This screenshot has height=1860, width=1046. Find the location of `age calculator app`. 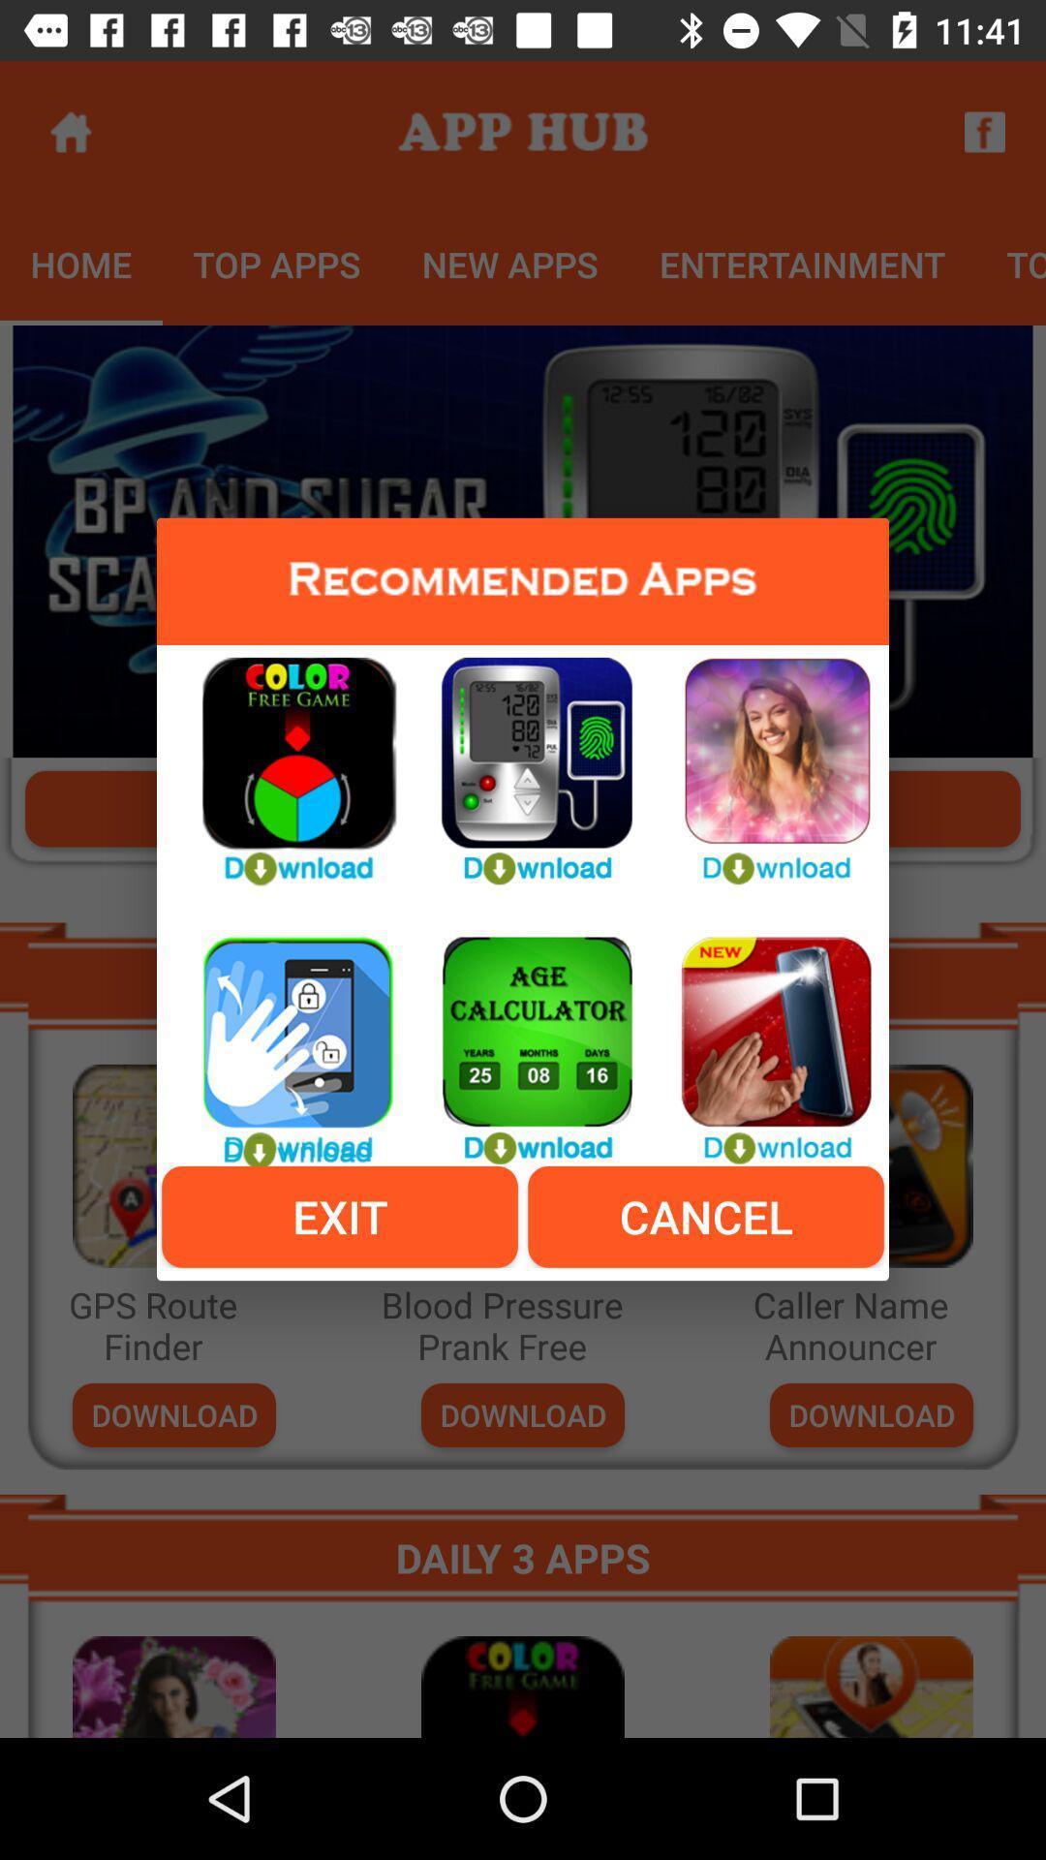

age calculator app is located at coordinates (523, 1038).